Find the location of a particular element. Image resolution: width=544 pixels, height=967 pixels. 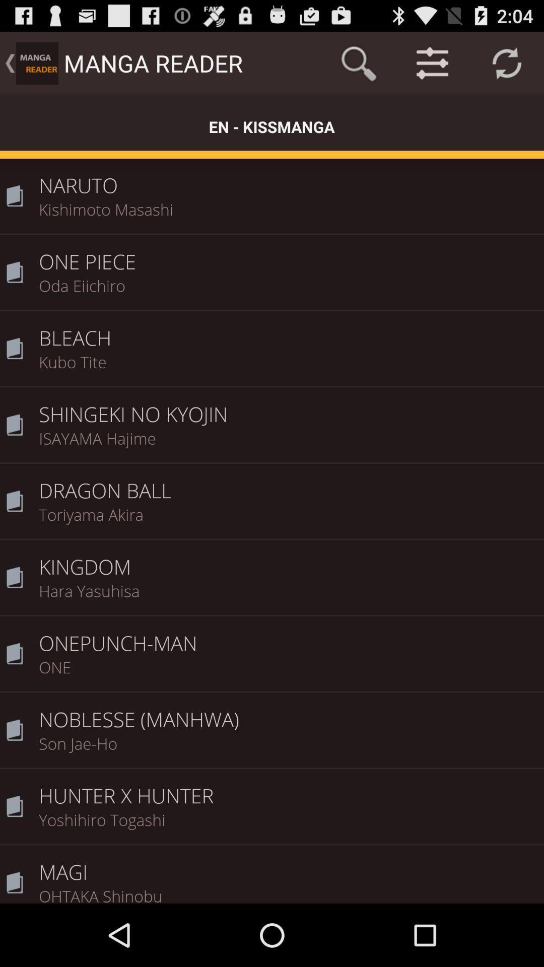

icon above the one piece item is located at coordinates (288, 215).